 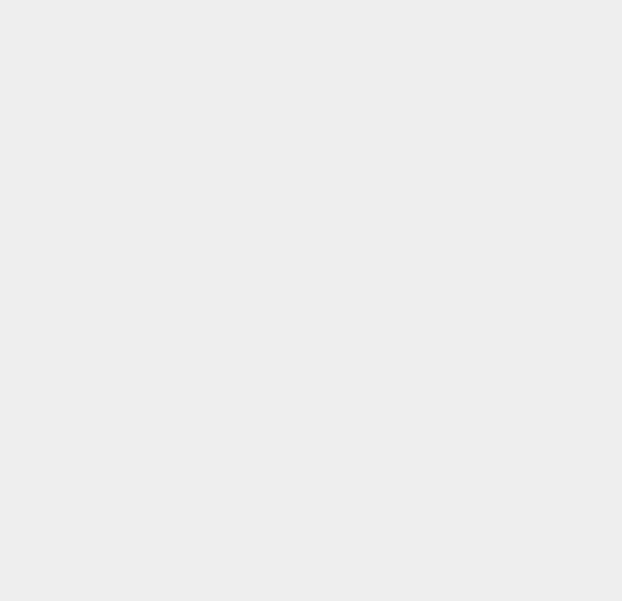 What do you see at coordinates (452, 241) in the screenshot?
I see `'iOS 7.1'` at bounding box center [452, 241].